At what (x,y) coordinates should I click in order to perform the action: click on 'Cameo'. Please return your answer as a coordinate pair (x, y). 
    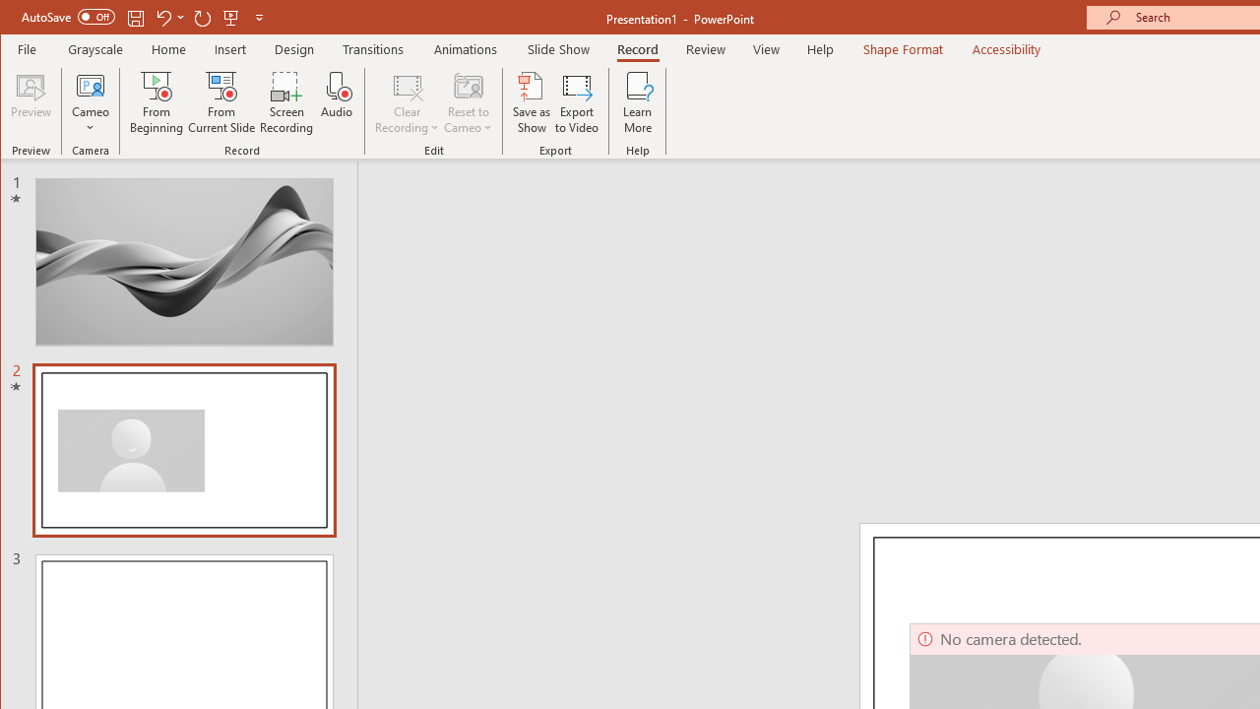
    Looking at the image, I should click on (90, 84).